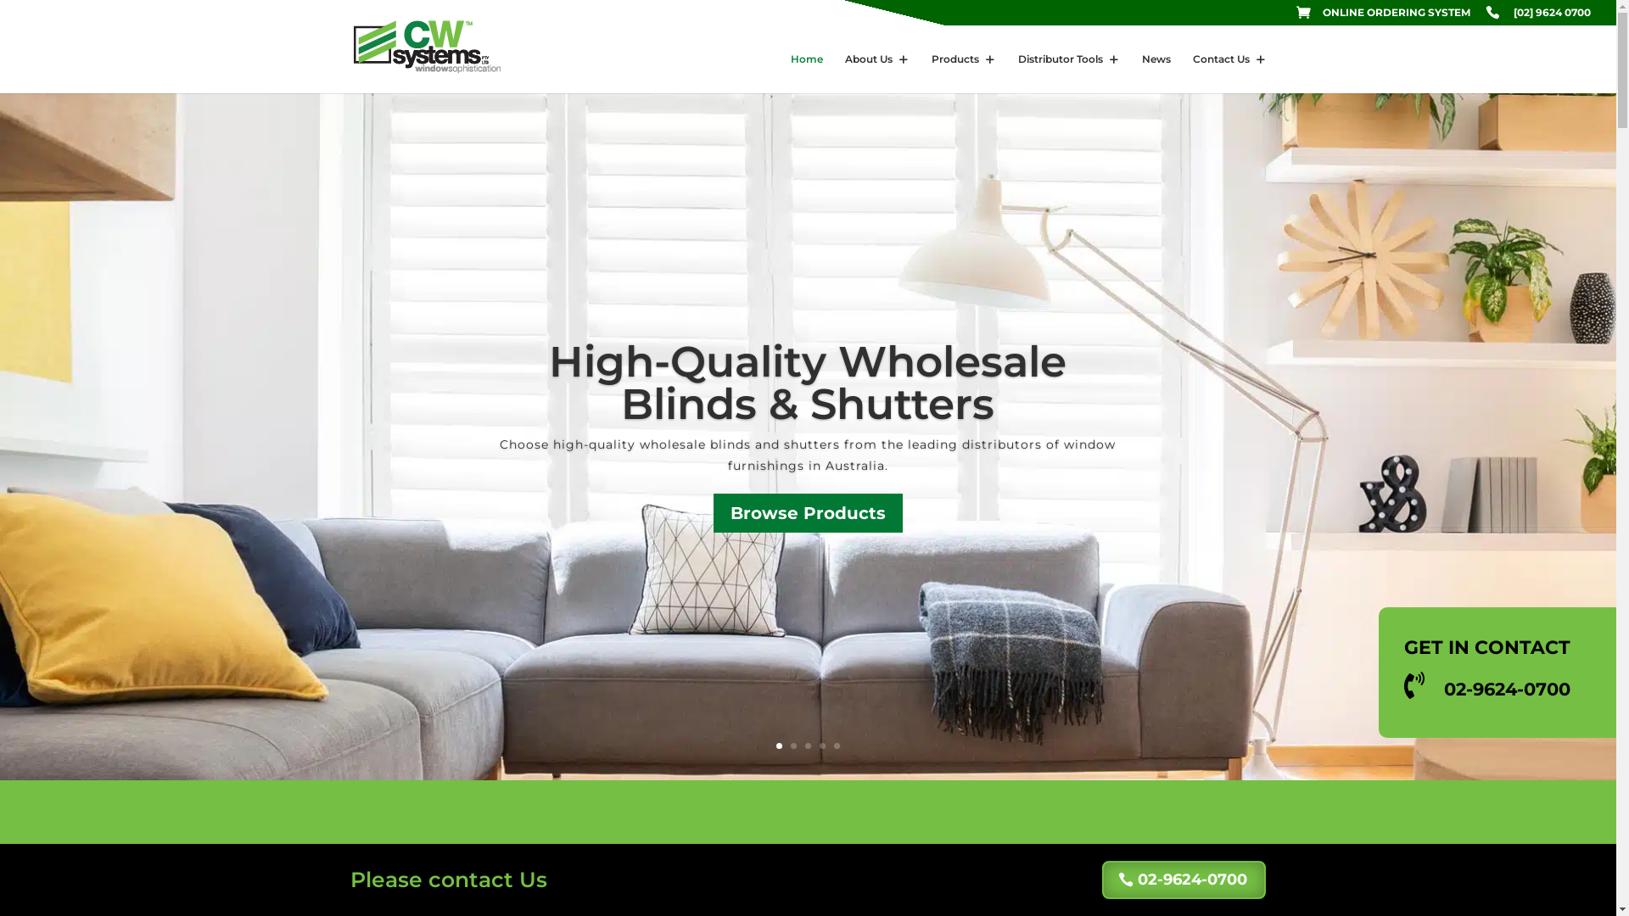  Describe the element at coordinates (778, 745) in the screenshot. I see `'1'` at that location.